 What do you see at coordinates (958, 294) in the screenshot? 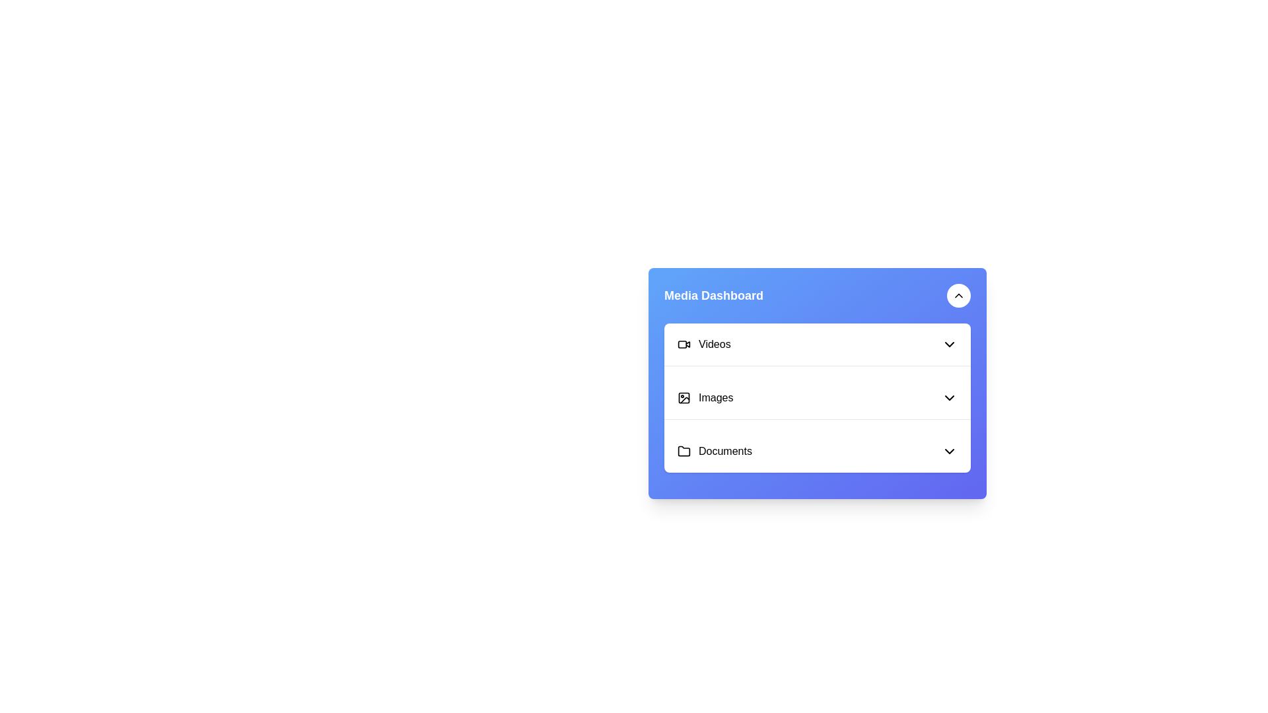
I see `the chevron-up icon located inside the circular button at the top-right corner of the 'Media Dashboard' card` at bounding box center [958, 294].